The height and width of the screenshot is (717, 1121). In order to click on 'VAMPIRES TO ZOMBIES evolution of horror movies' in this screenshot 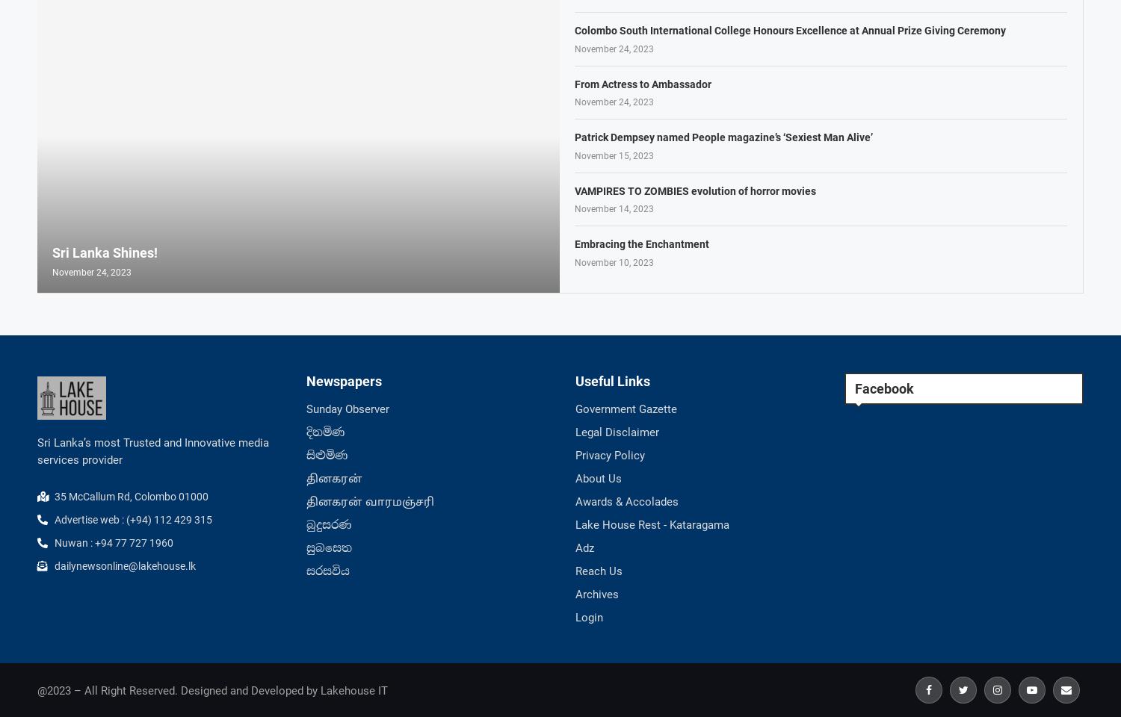, I will do `click(575, 189)`.